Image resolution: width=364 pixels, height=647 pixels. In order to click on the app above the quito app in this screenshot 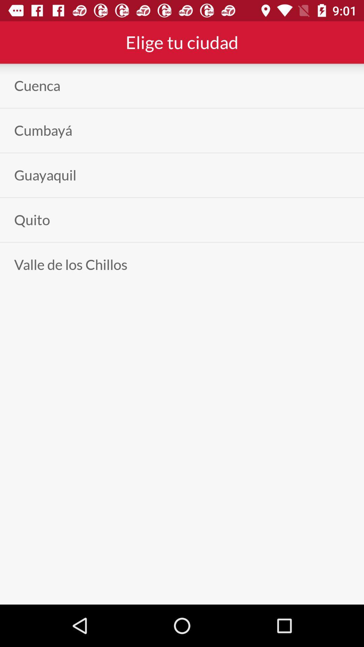, I will do `click(45, 175)`.